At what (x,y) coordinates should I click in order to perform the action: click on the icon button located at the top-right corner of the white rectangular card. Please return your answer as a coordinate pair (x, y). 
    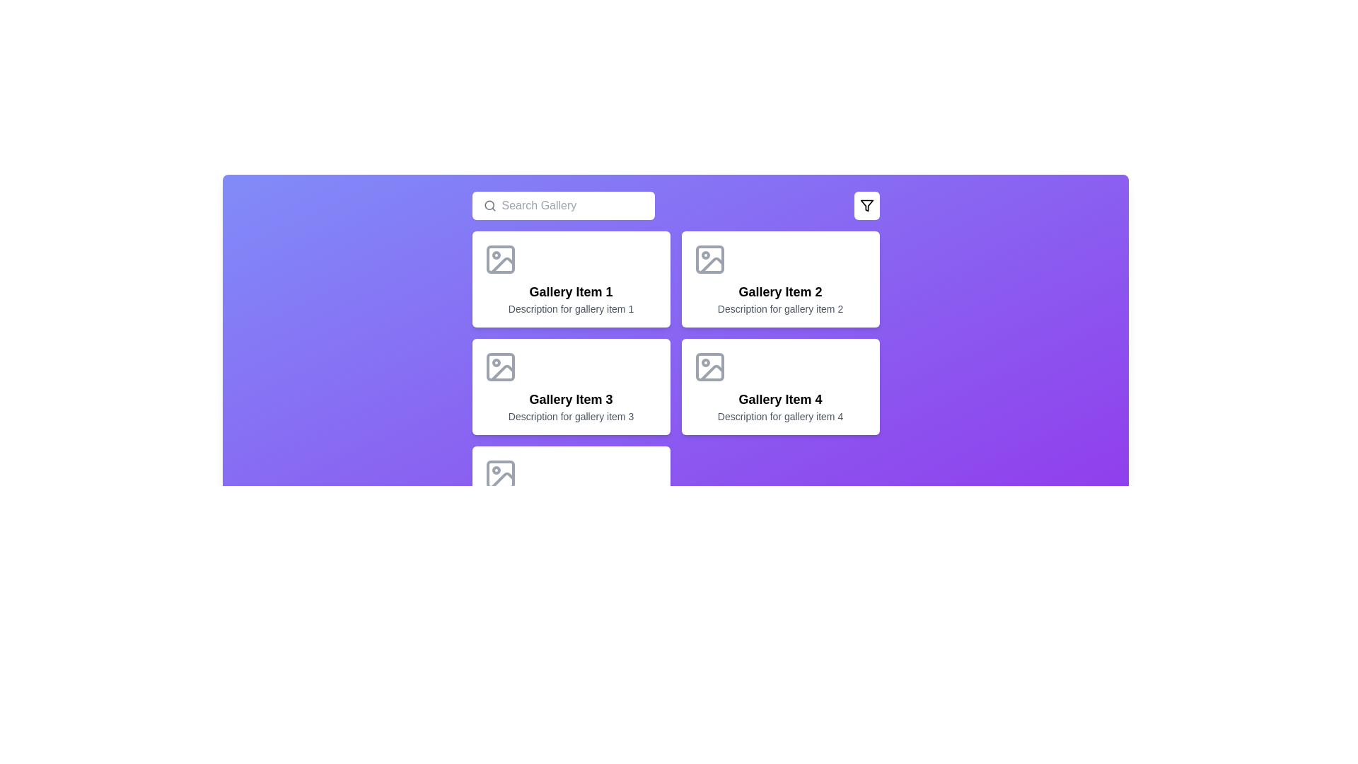
    Looking at the image, I should click on (866, 205).